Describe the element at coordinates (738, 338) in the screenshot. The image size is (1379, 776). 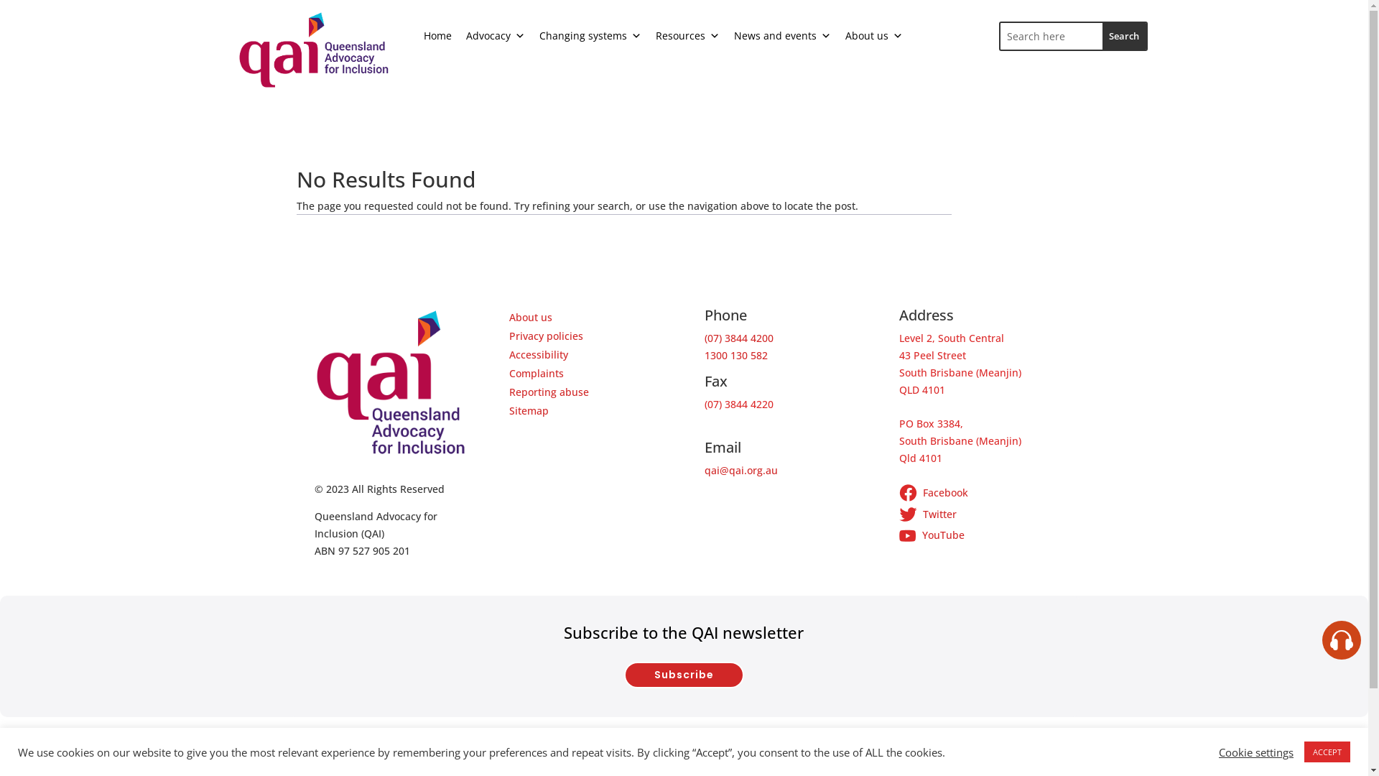
I see `'(07) 3844 4200'` at that location.